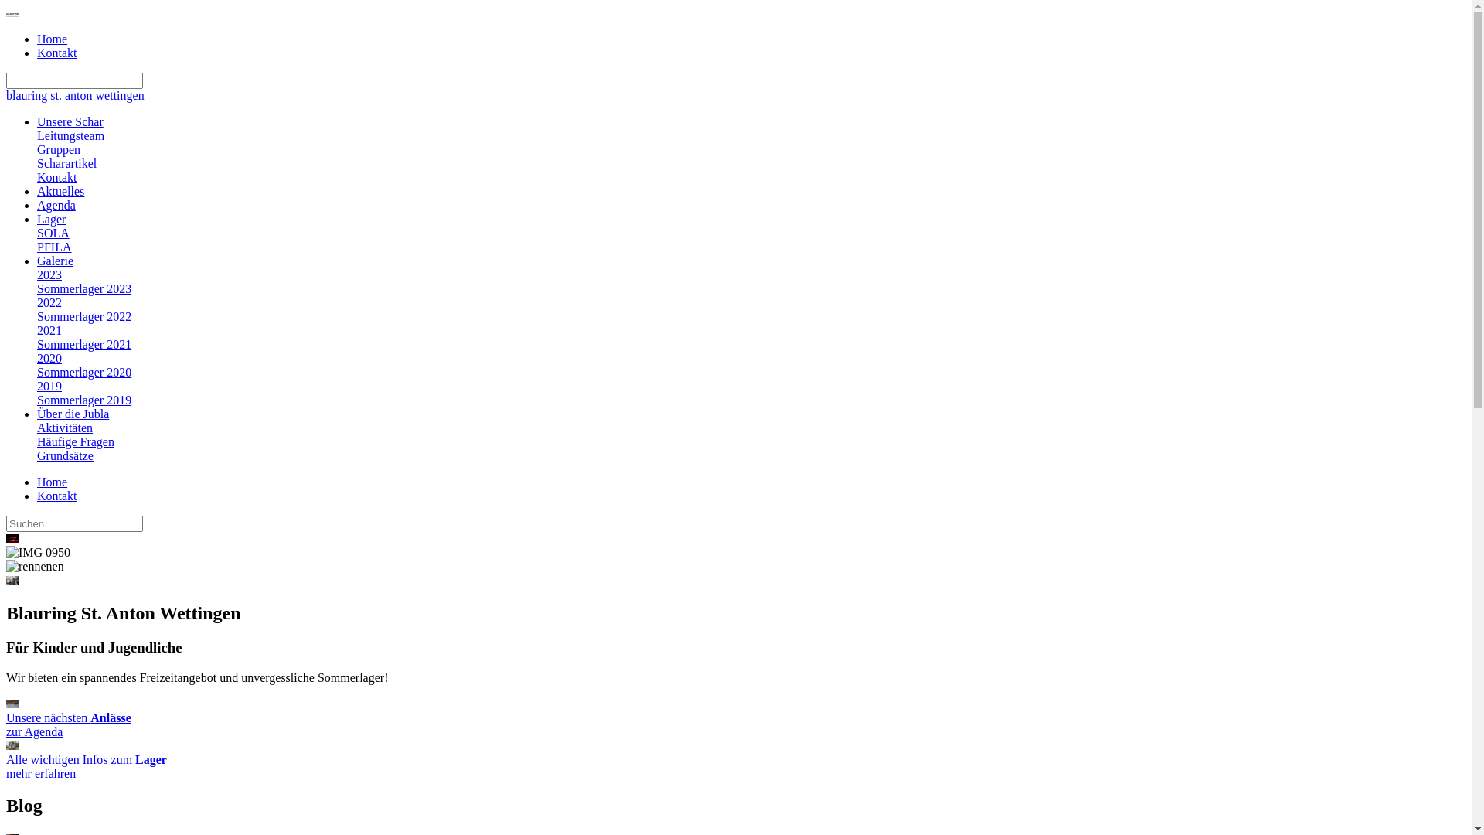 This screenshot has height=835, width=1484. What do you see at coordinates (12, 704) in the screenshot?
I see `'zur Agenda'` at bounding box center [12, 704].